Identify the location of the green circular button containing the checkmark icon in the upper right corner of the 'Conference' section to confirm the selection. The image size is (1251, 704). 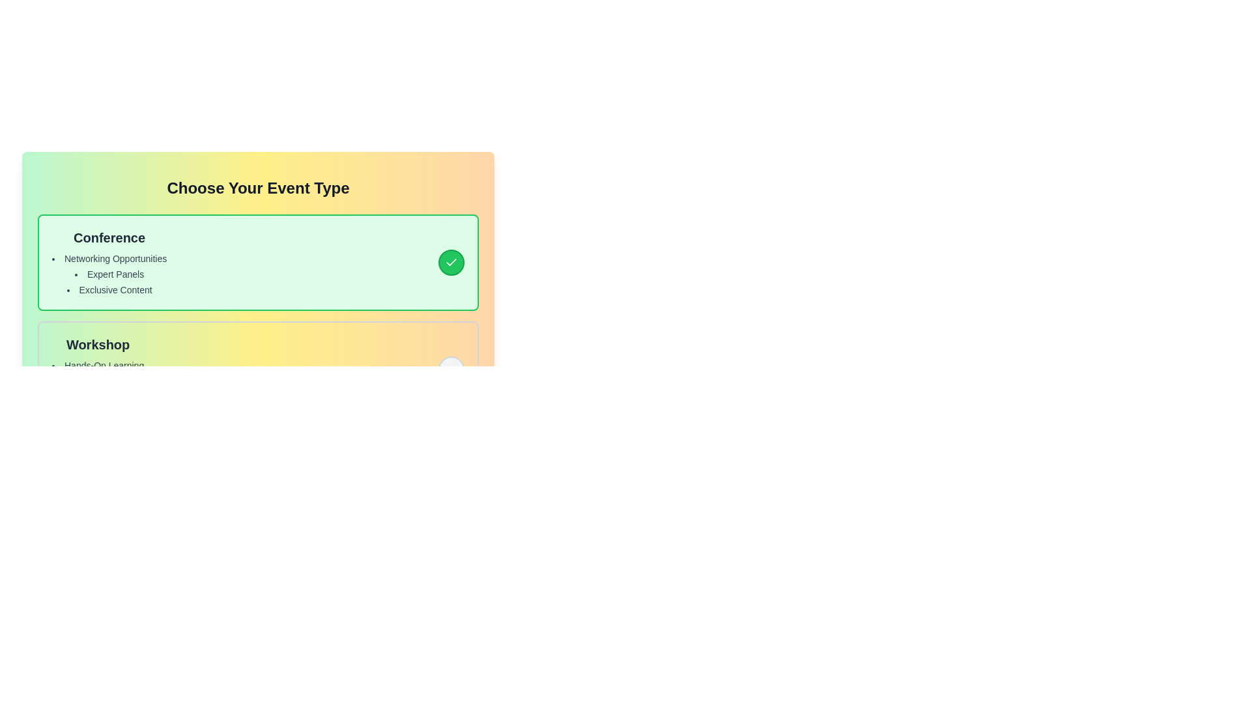
(451, 262).